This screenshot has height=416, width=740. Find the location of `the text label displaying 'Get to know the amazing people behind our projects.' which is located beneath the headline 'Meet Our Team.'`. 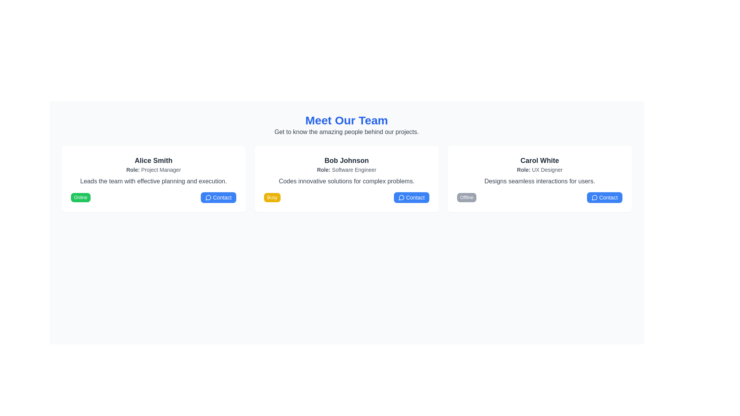

the text label displaying 'Get to know the amazing people behind our projects.' which is located beneath the headline 'Meet Our Team.' is located at coordinates (346, 132).